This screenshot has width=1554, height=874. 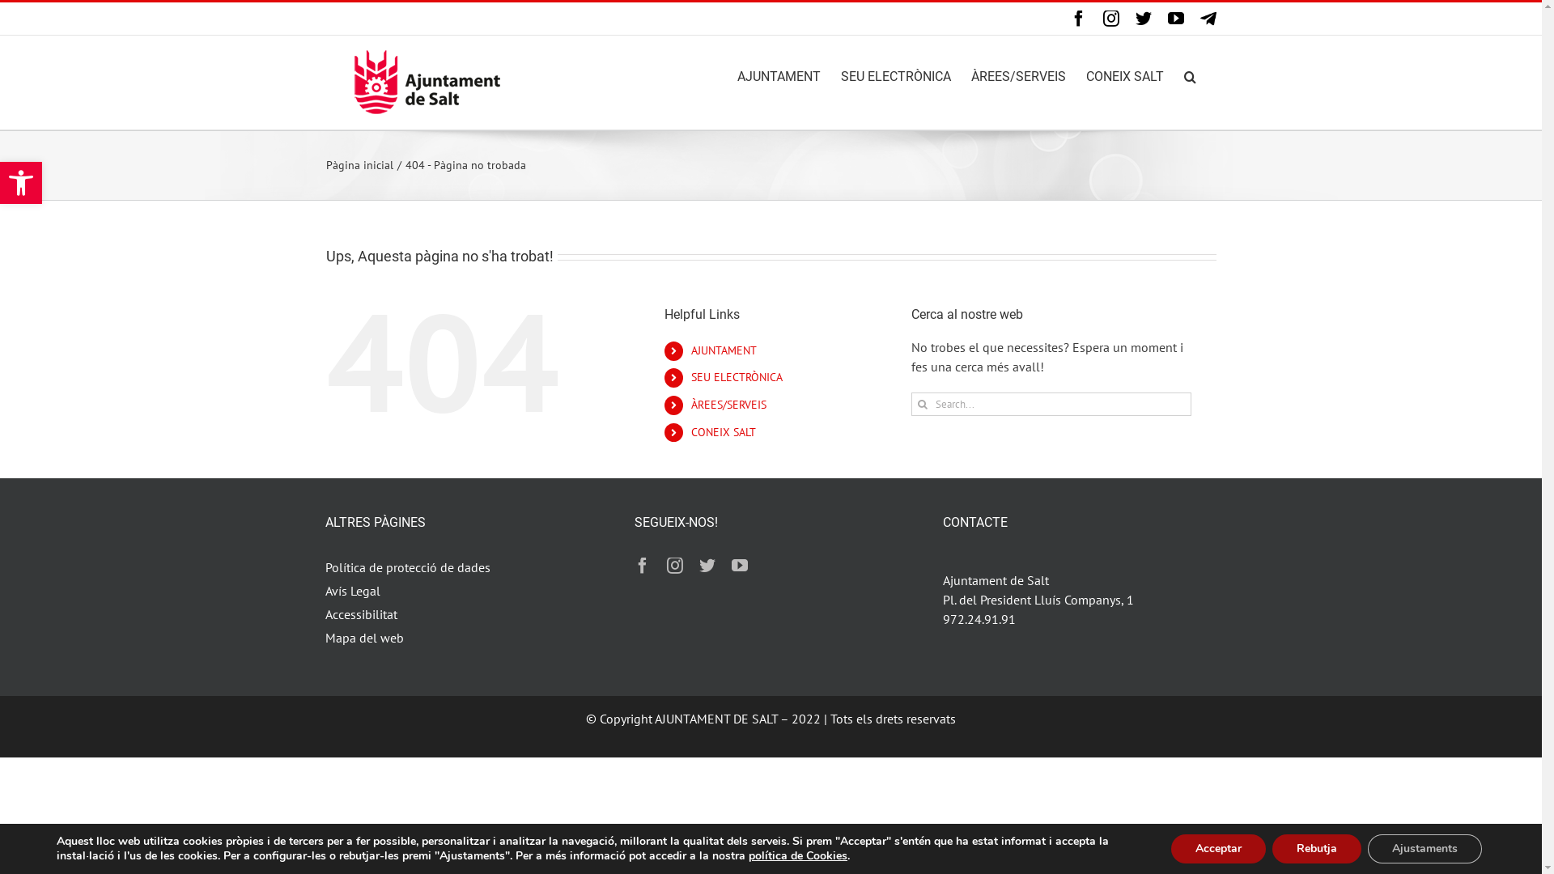 What do you see at coordinates (1078, 19) in the screenshot?
I see `'Facebook'` at bounding box center [1078, 19].